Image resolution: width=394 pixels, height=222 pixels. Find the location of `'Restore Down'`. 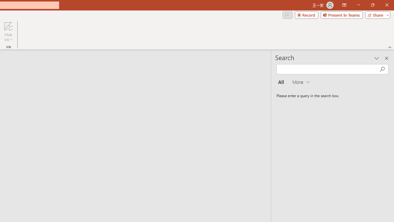

'Restore Down' is located at coordinates (372, 5).